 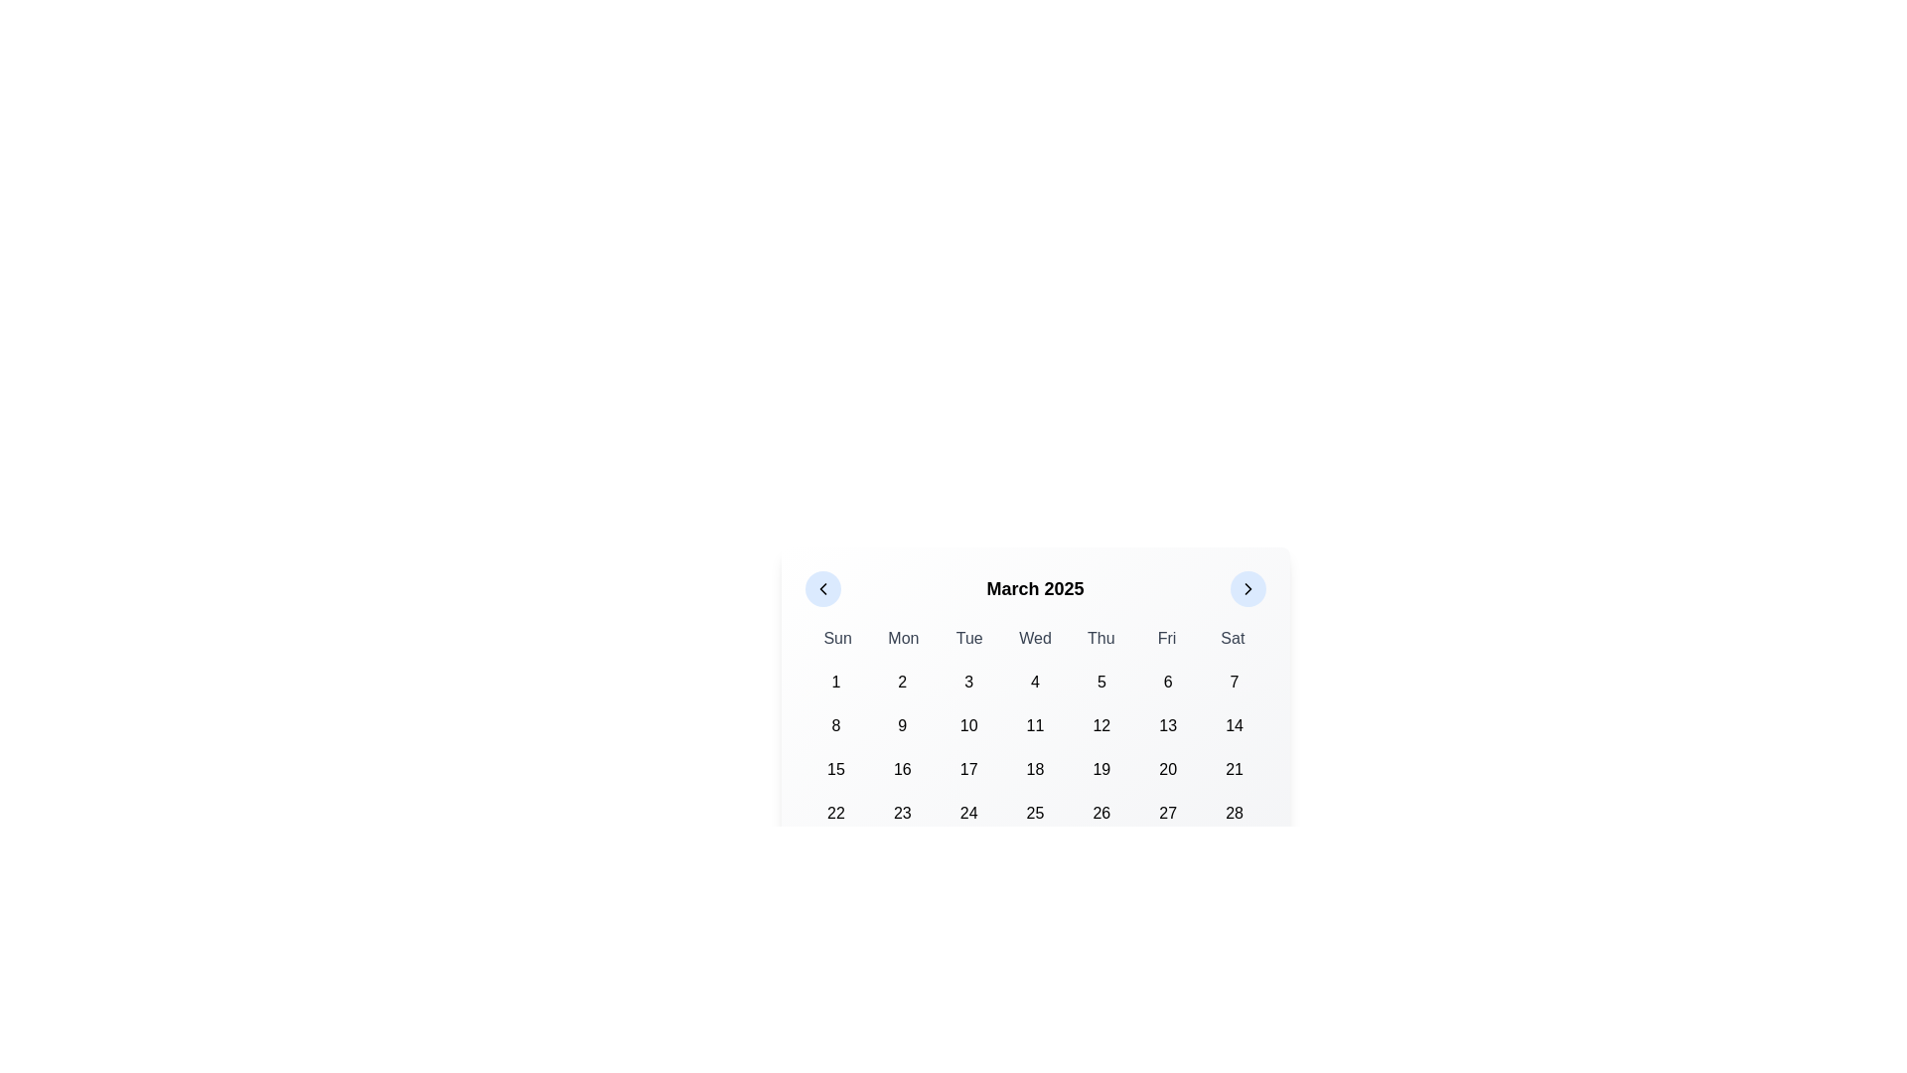 What do you see at coordinates (1034, 588) in the screenshot?
I see `the Text label that indicates the currently displayed month and year in the calendar component, located in the header layout between the navigation buttons` at bounding box center [1034, 588].